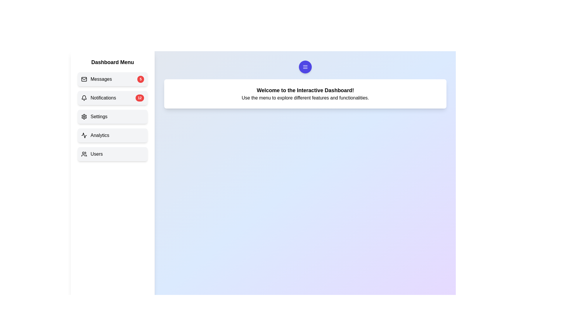  What do you see at coordinates (305, 66) in the screenshot?
I see `the menu button to toggle the drawer` at bounding box center [305, 66].